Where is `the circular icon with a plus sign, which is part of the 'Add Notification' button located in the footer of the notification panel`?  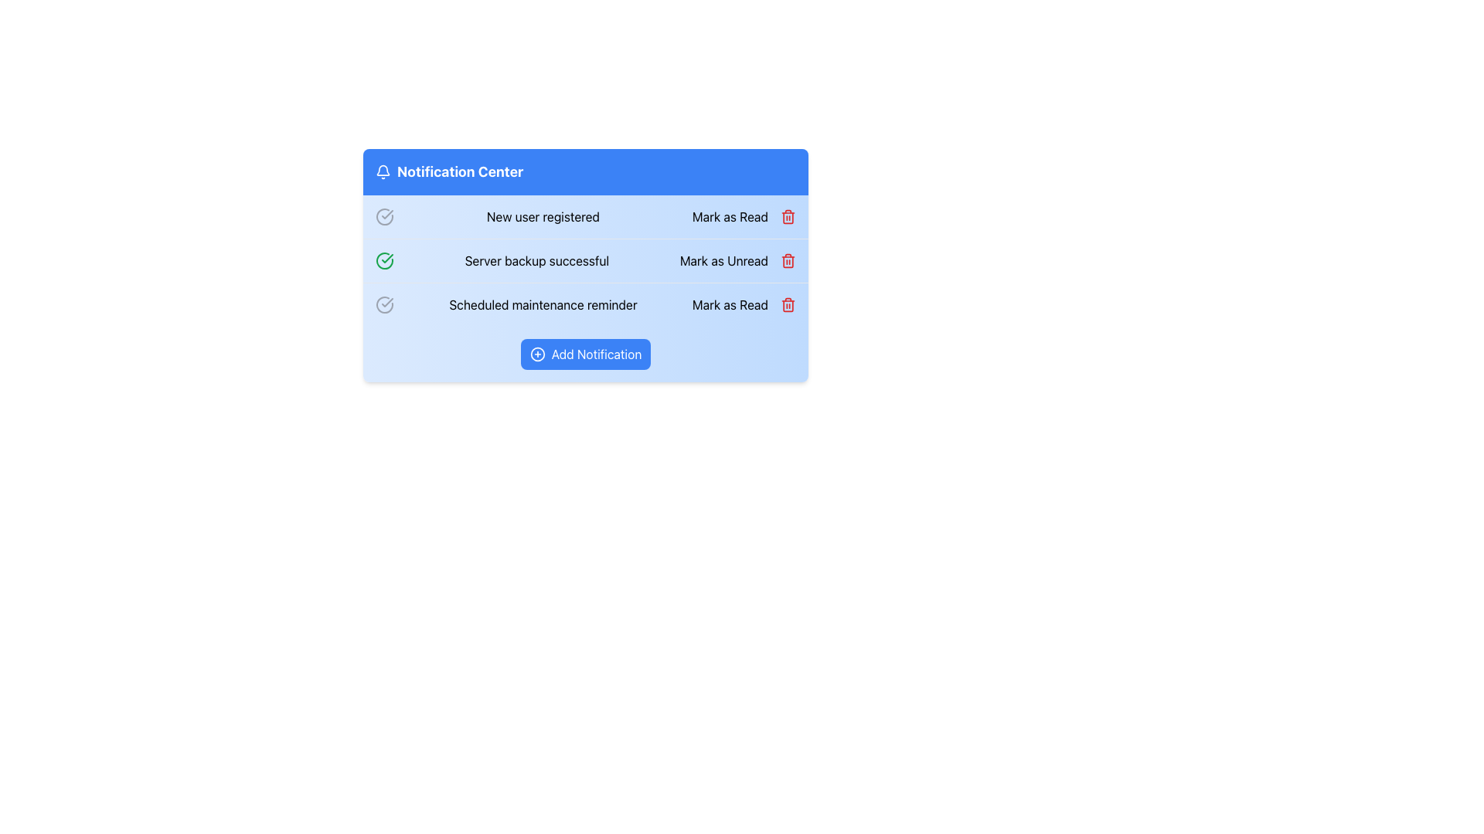
the circular icon with a plus sign, which is part of the 'Add Notification' button located in the footer of the notification panel is located at coordinates (537, 354).